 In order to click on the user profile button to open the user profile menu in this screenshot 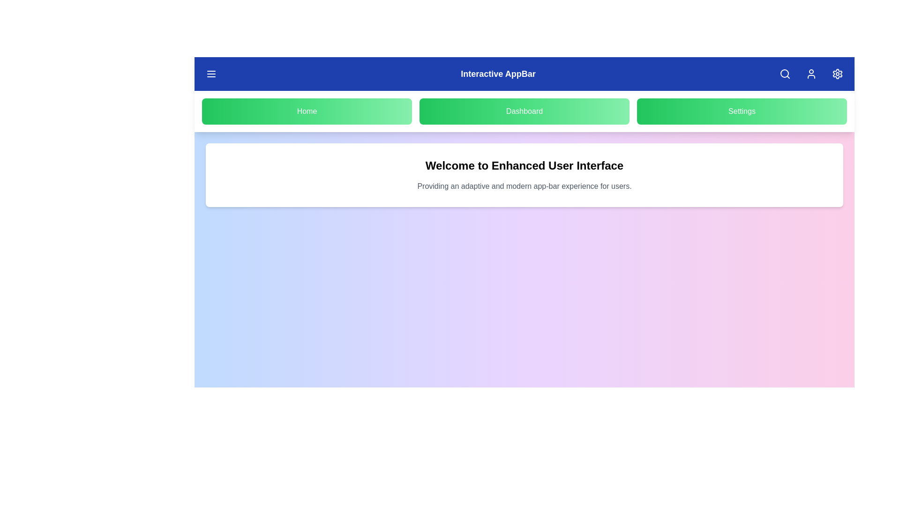, I will do `click(811, 74)`.